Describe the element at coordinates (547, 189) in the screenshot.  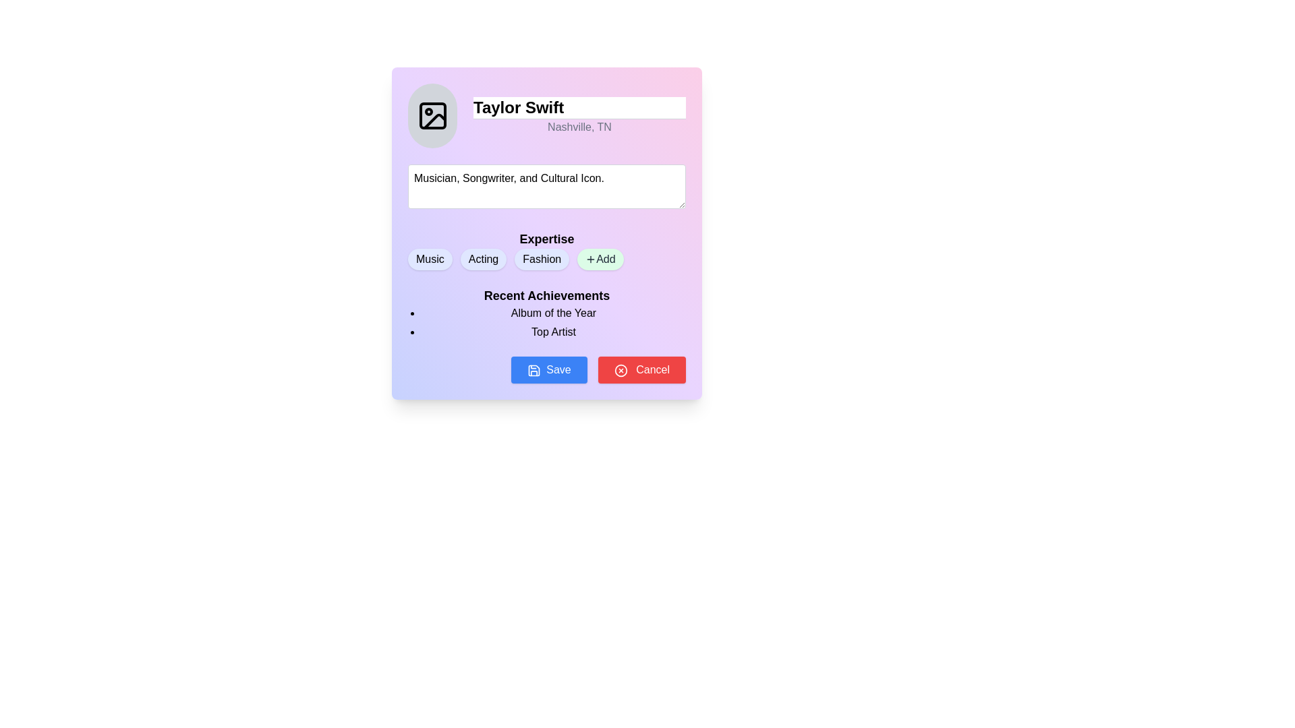
I see `the text input area that contains the text 'Musician, Songwriter, and Cultural Icon.'` at that location.